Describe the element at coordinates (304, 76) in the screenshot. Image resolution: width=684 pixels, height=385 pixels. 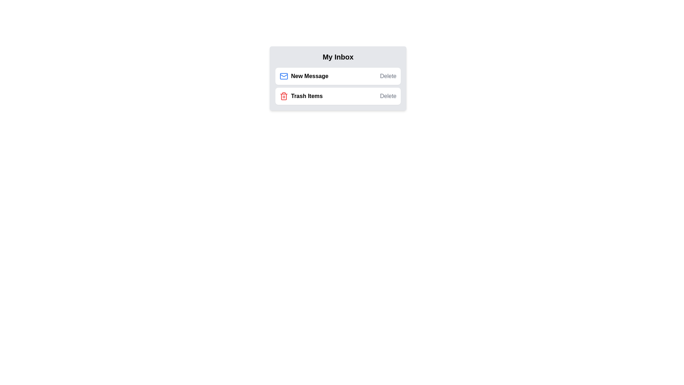
I see `the text New Message to perform its associated action` at that location.